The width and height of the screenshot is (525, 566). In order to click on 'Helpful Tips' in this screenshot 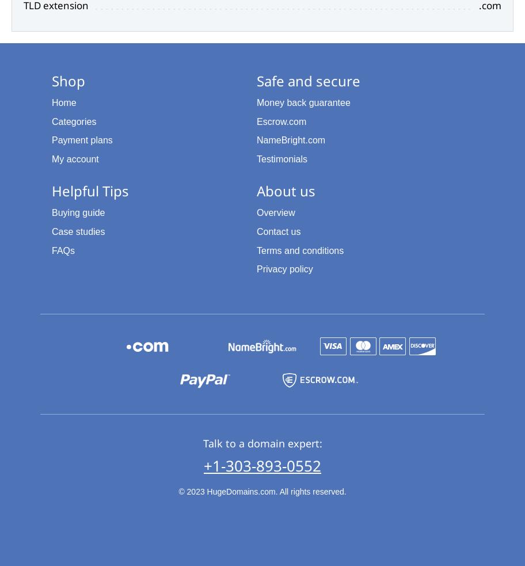, I will do `click(52, 189)`.